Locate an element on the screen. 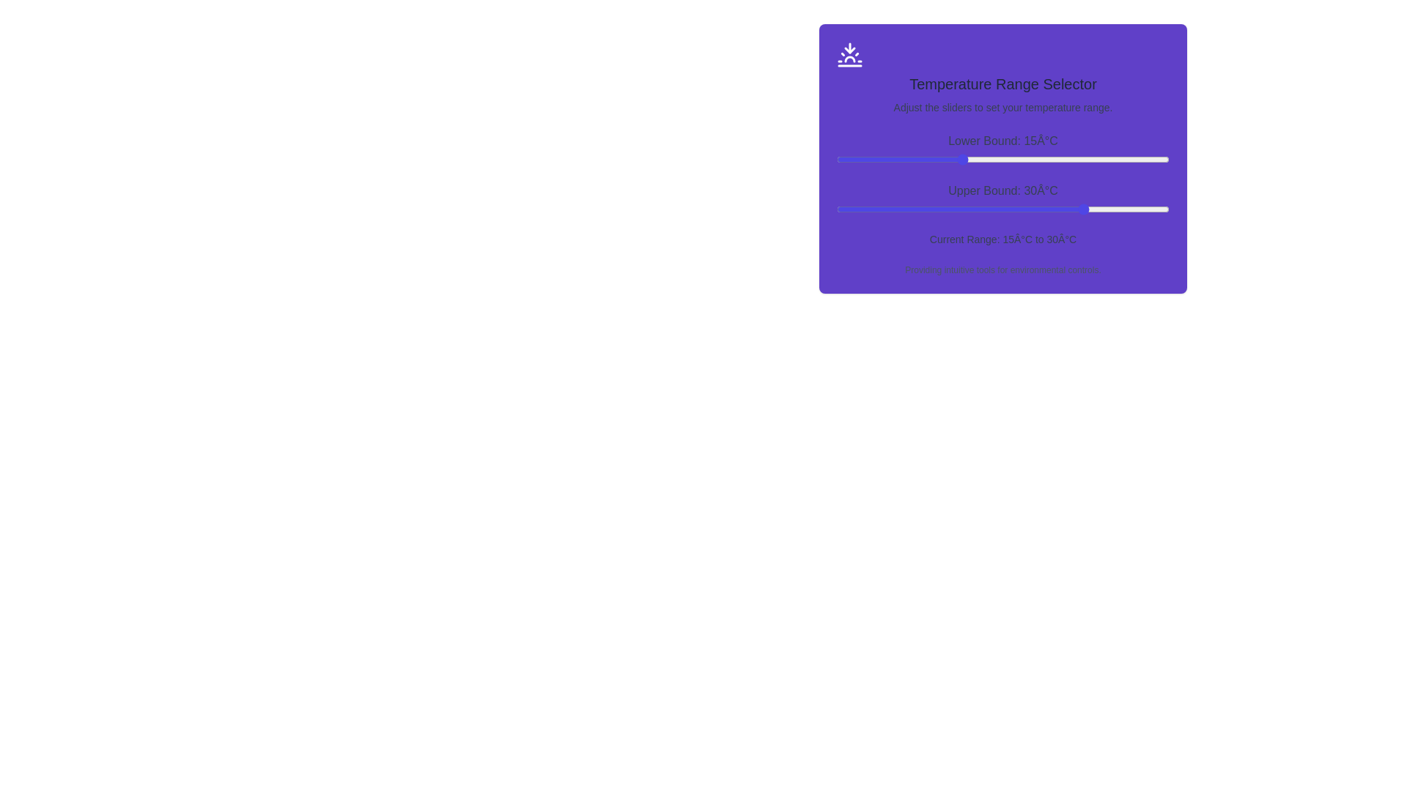 The width and height of the screenshot is (1407, 791). the lower bound slider to 9°C is located at coordinates (911, 160).